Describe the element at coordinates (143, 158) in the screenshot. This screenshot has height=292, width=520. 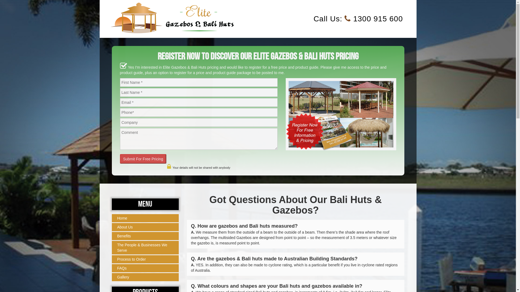
I see `'Submit For Free Pricing'` at that location.